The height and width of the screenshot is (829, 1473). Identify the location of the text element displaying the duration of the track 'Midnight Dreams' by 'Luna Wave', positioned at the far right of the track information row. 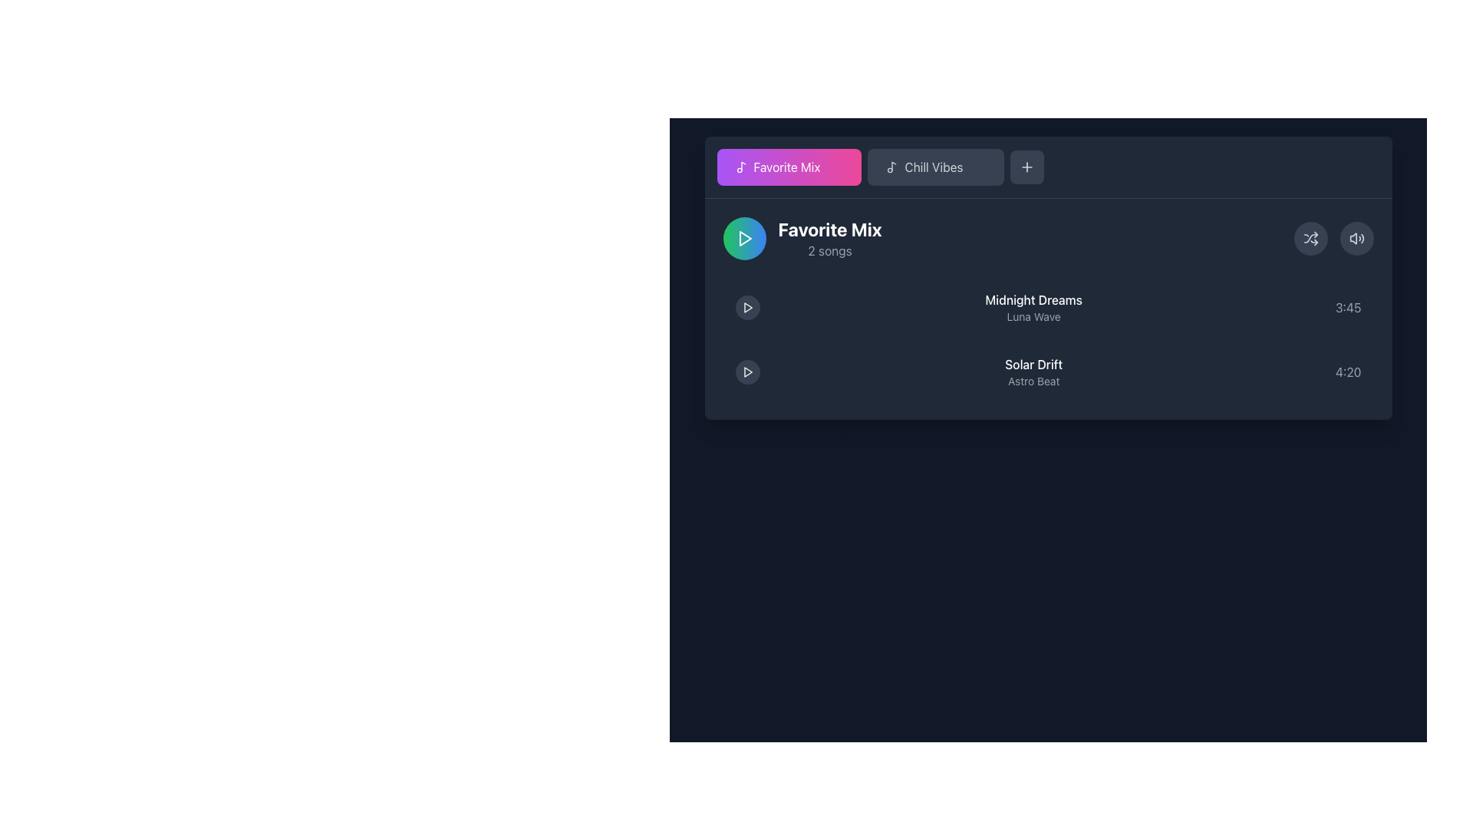
(1347, 308).